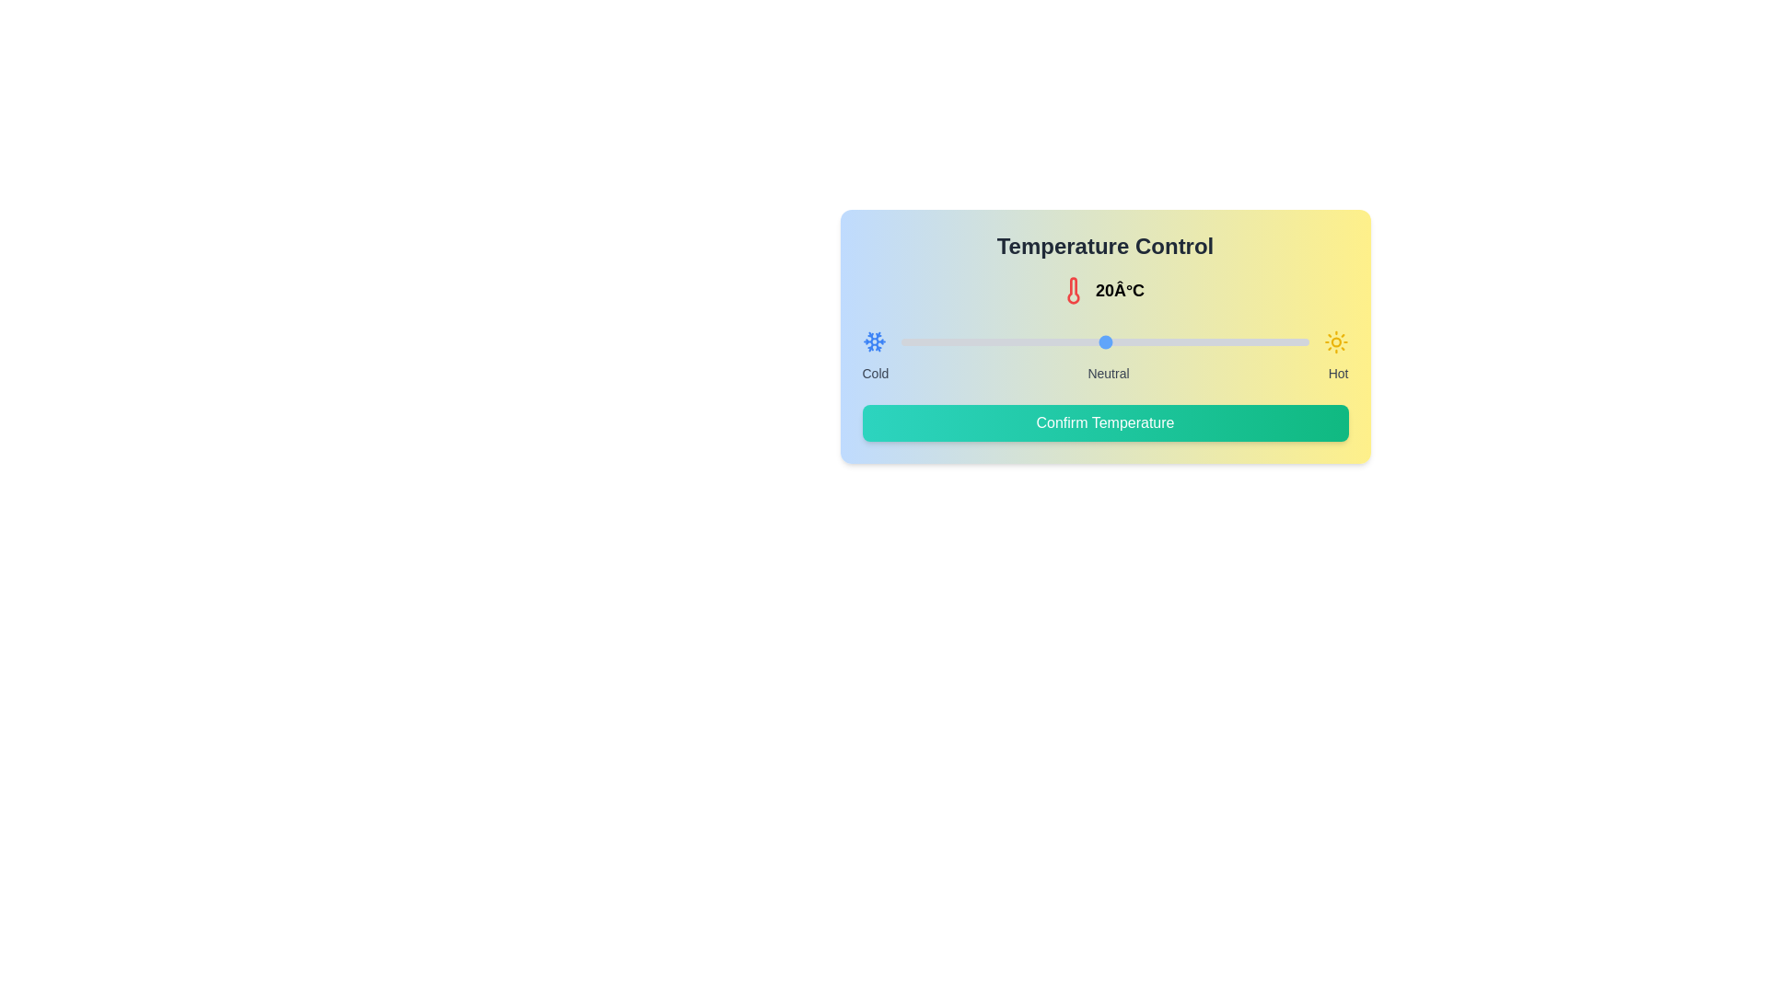 This screenshot has height=994, width=1768. I want to click on the temperature slider to 38°C, so click(1287, 341).